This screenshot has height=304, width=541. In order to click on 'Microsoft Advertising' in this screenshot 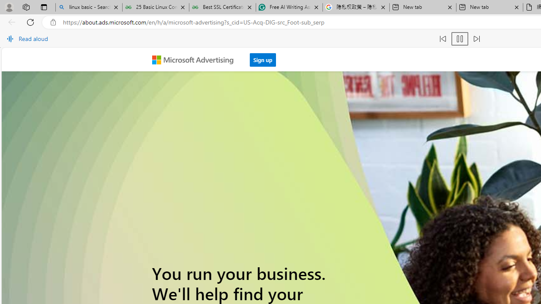, I will do `click(196, 59)`.